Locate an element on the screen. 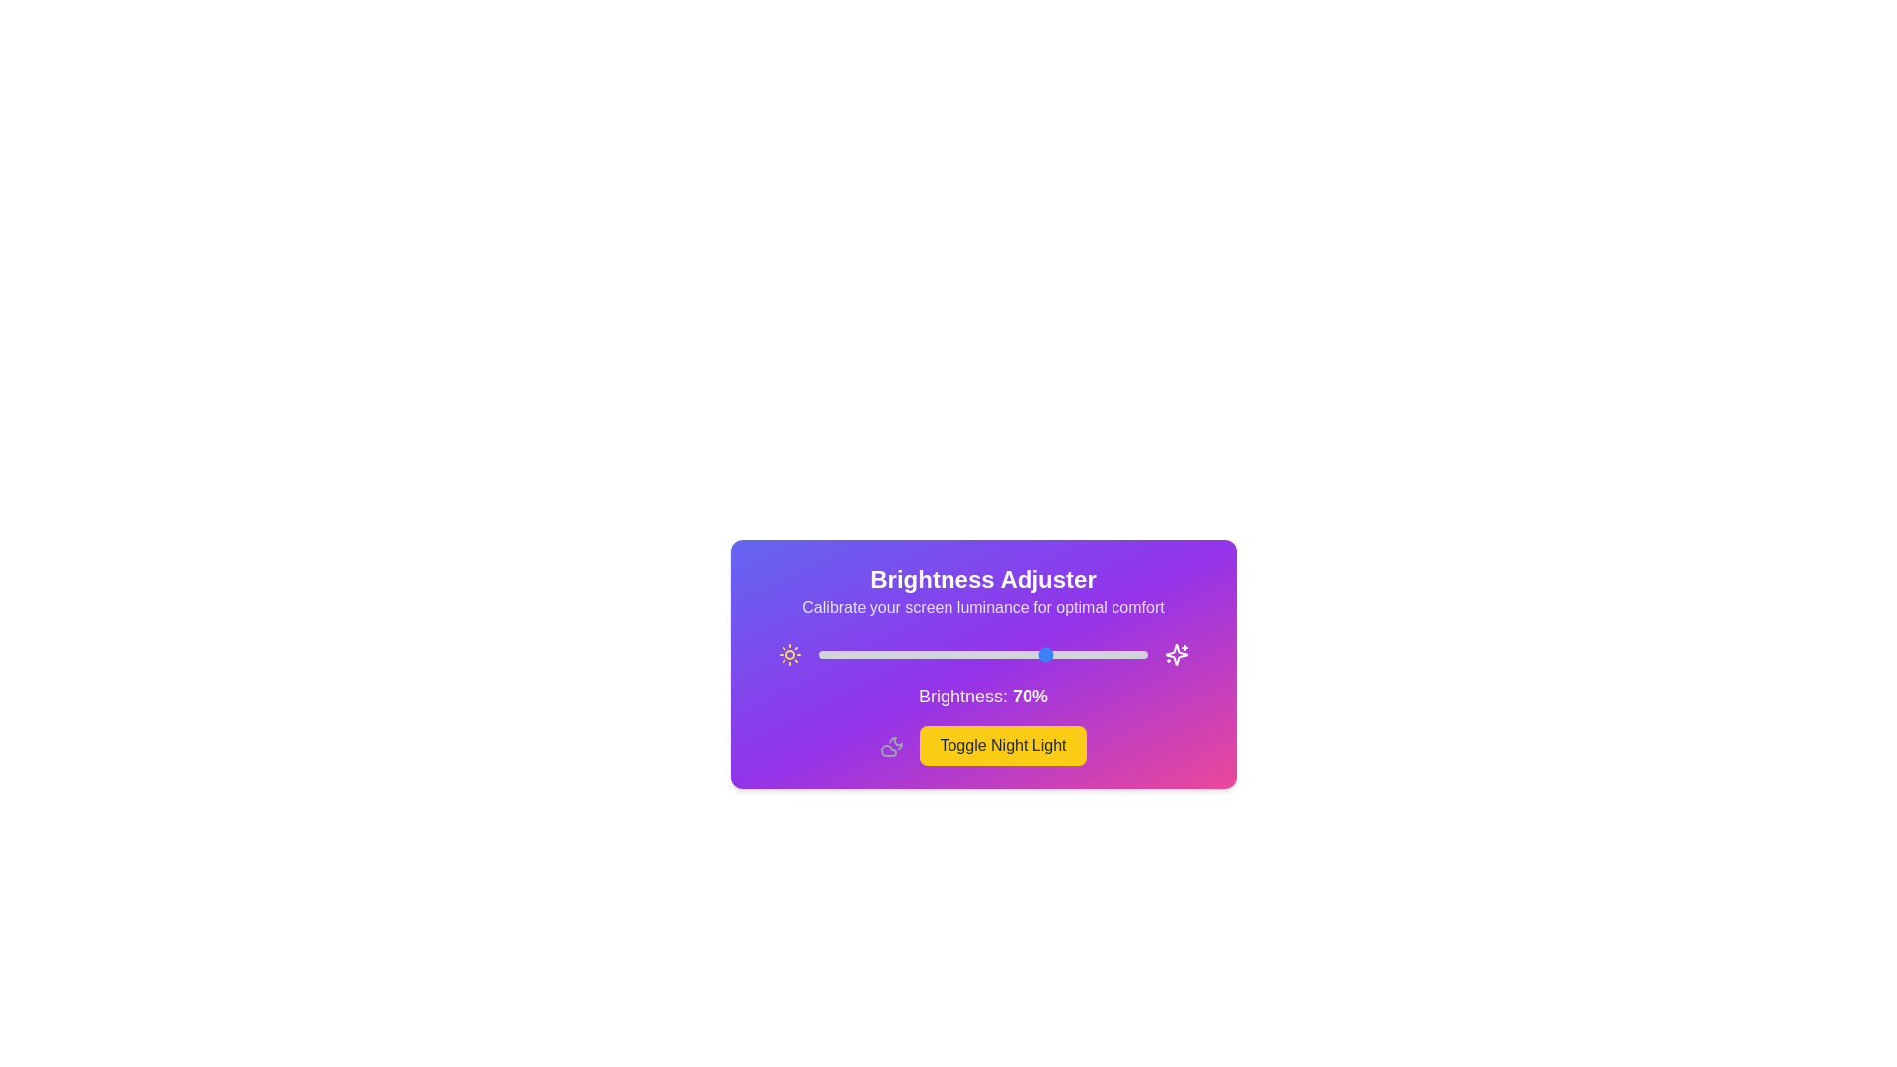 The width and height of the screenshot is (1897, 1067). the brightness slider to 79% is located at coordinates (1077, 655).